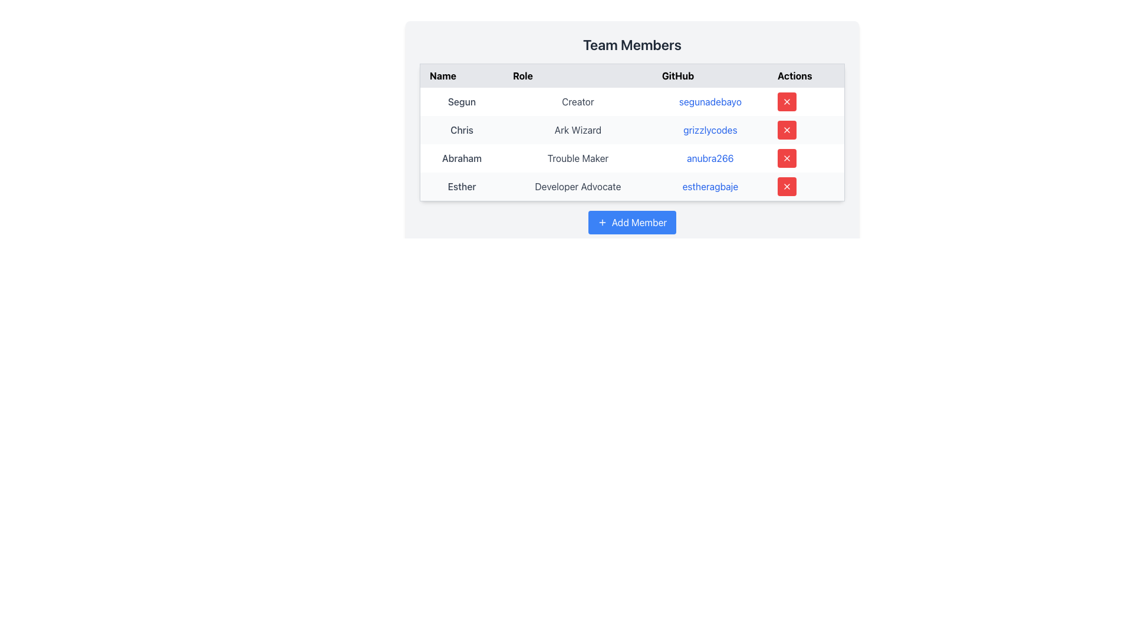 The image size is (1132, 636). Describe the element at coordinates (805, 75) in the screenshot. I see `the 'Actions' Text Label element, which is the fourth column header in a table, styled in bold black font on a light gray background` at that location.